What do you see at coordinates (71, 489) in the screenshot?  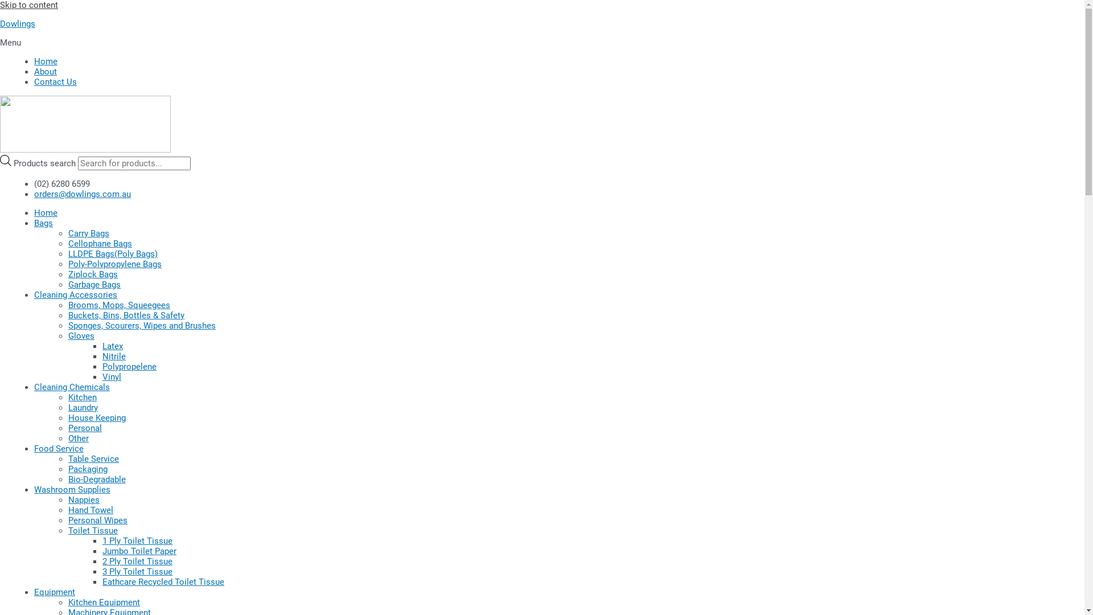 I see `'Washroom Supplies'` at bounding box center [71, 489].